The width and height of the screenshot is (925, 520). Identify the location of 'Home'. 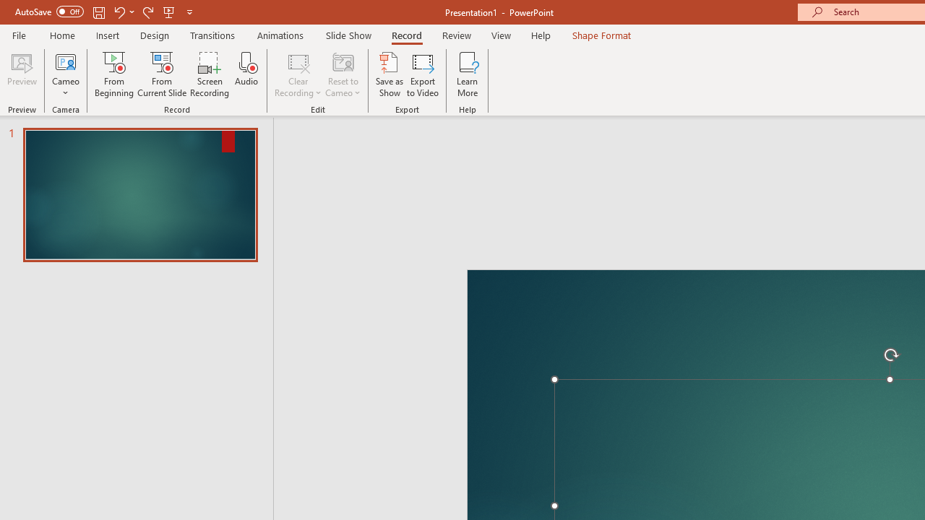
(61, 35).